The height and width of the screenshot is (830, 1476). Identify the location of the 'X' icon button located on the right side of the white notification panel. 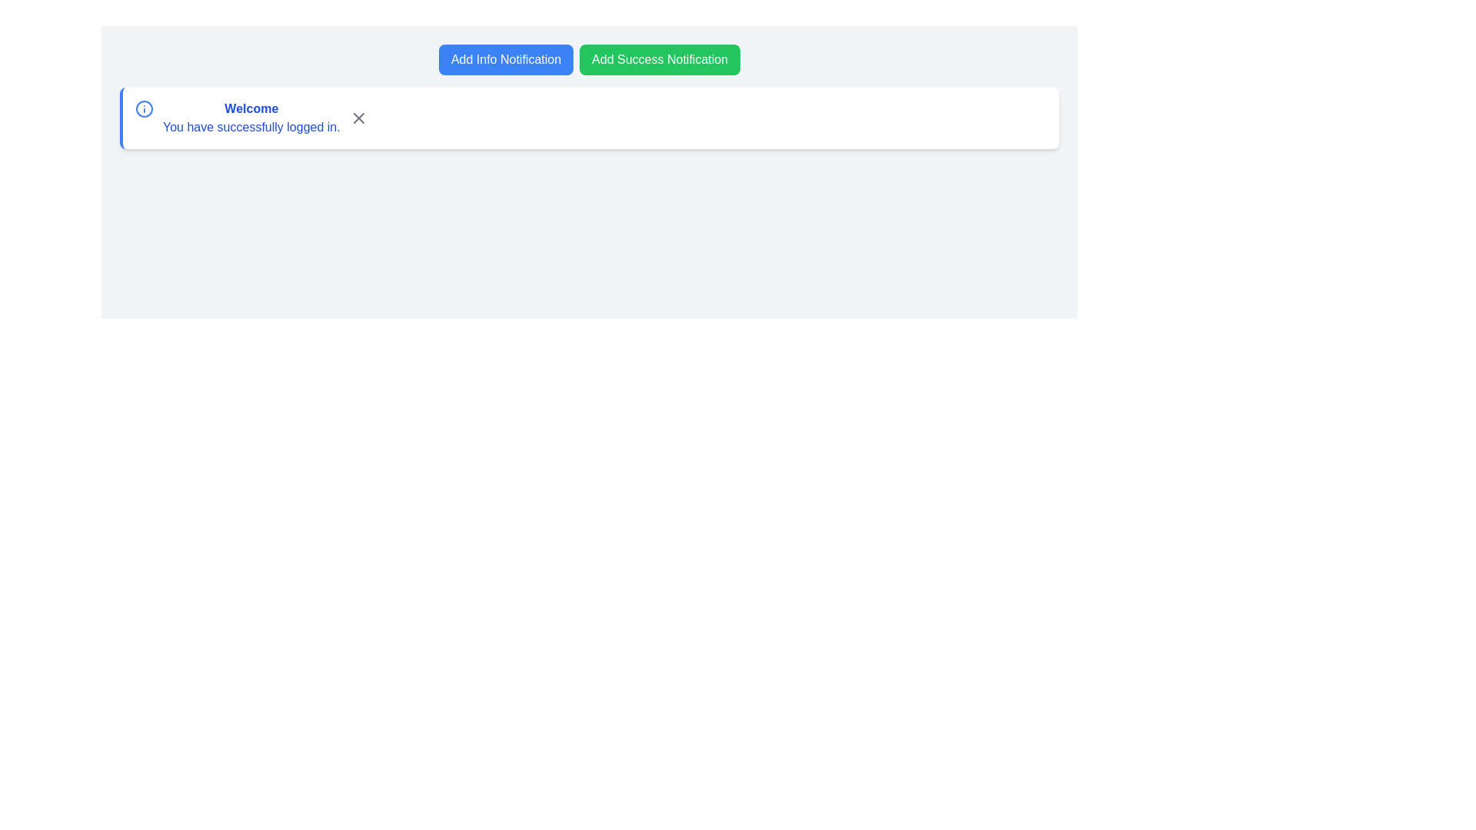
(357, 118).